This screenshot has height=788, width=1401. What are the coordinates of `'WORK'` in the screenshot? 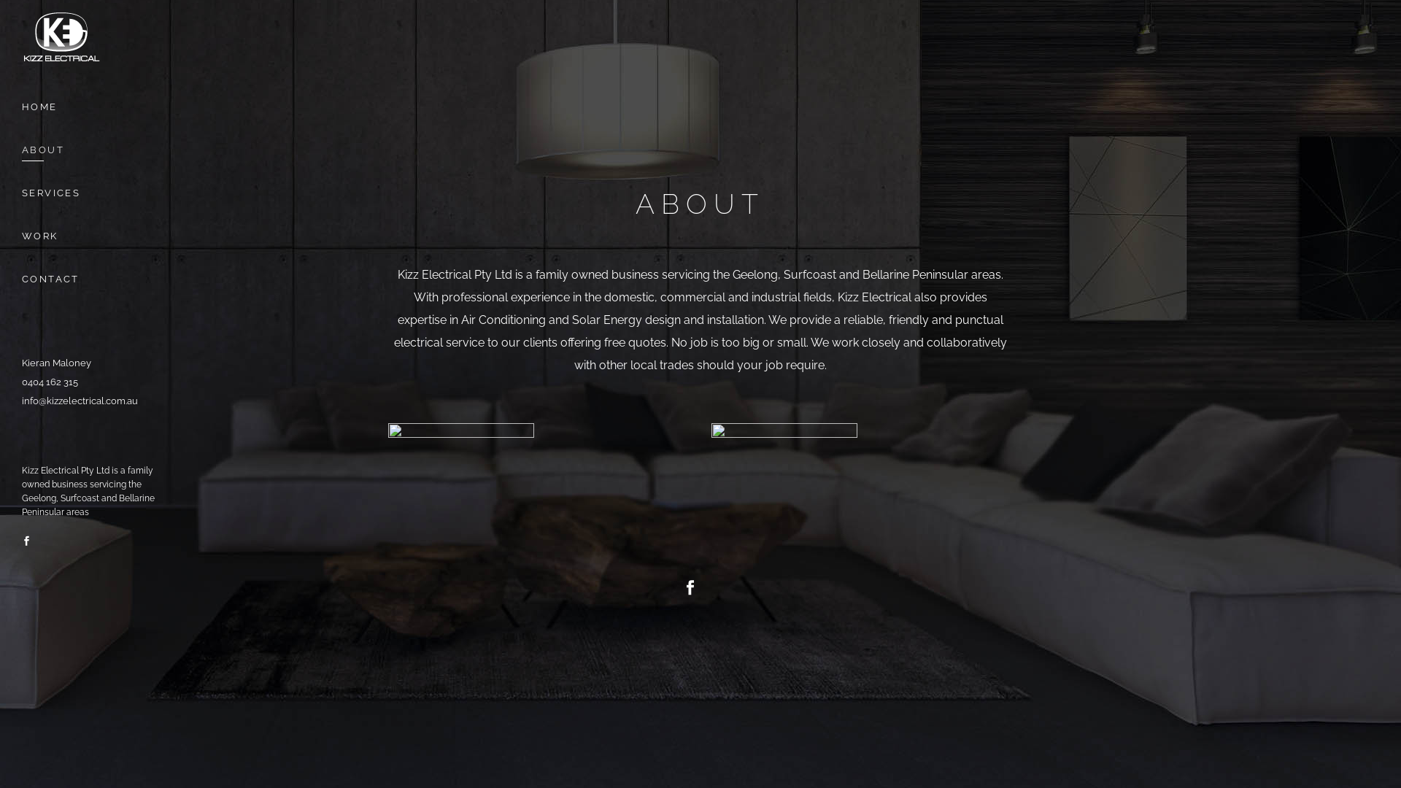 It's located at (93, 235).